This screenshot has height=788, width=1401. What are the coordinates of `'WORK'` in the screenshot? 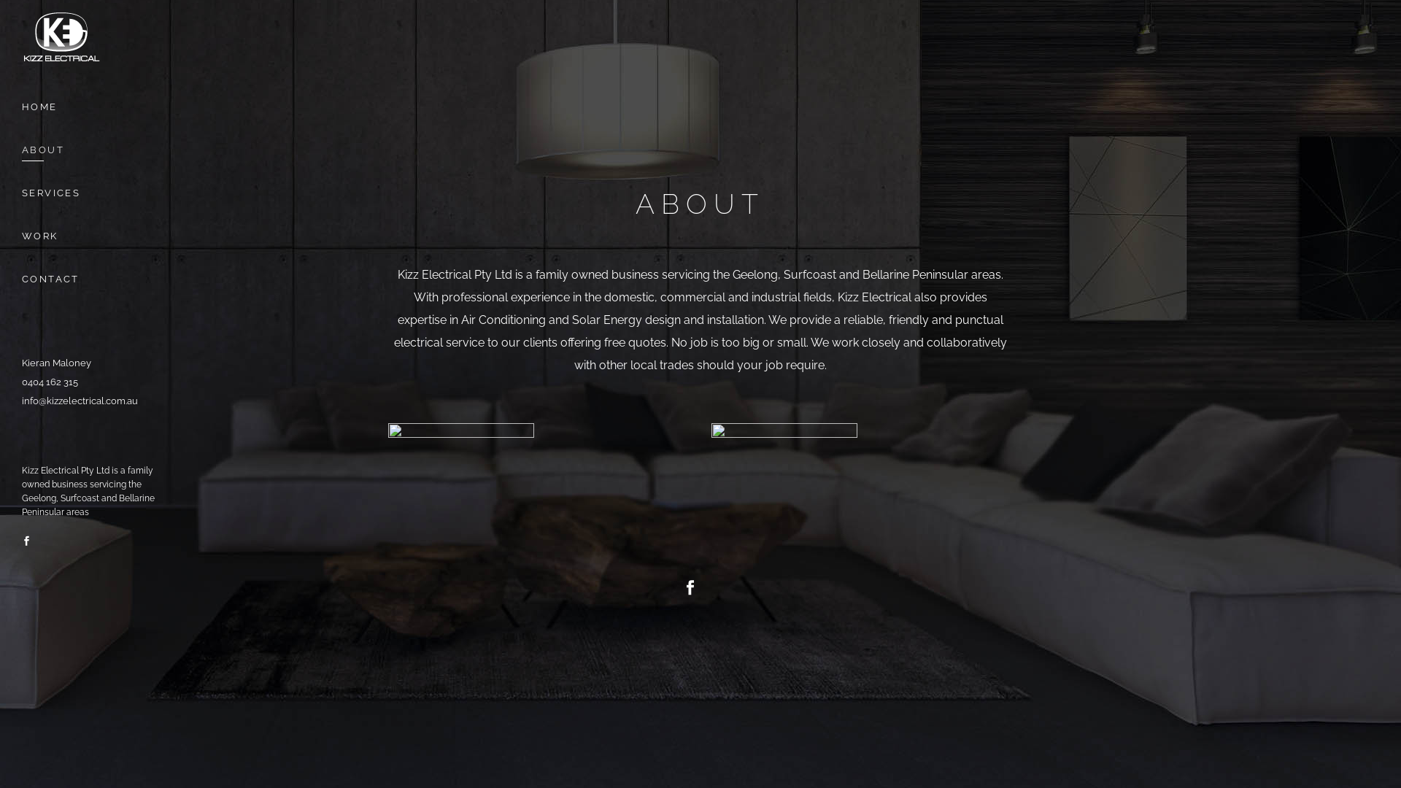 It's located at (93, 235).